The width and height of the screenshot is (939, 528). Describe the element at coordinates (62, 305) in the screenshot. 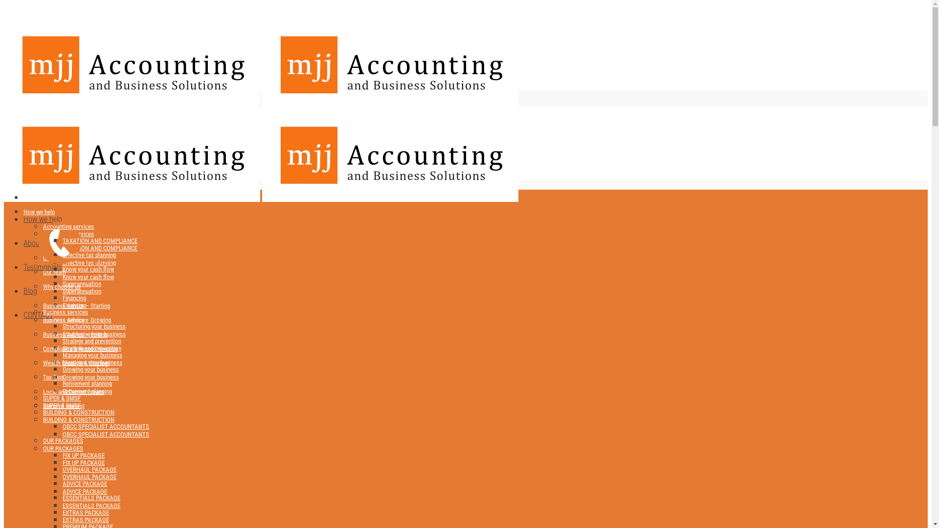

I see `'Financing'` at that location.